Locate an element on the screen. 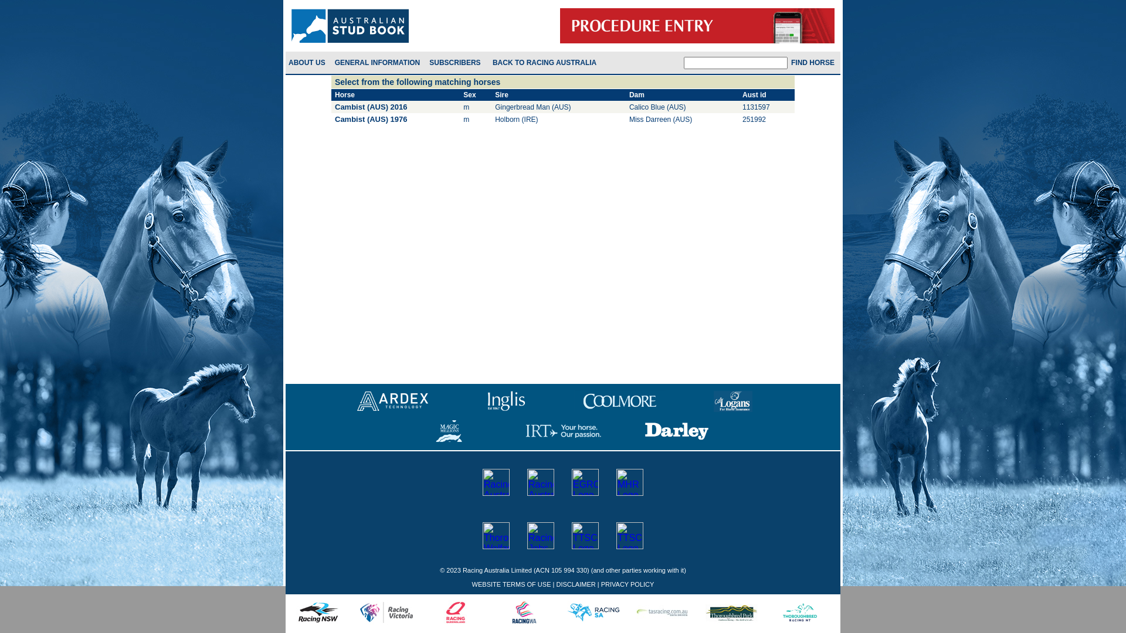 This screenshot has width=1126, height=633. 'Cambist (AUS) 1976' is located at coordinates (371, 119).